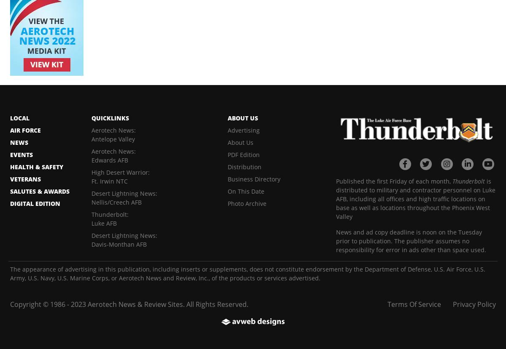 The image size is (506, 349). What do you see at coordinates (336, 240) in the screenshot?
I see `'News and ad copy deadline is noon on the Tuesday prior to publication. The publisher assumes no responsibility for error in ads other than space used.'` at bounding box center [336, 240].